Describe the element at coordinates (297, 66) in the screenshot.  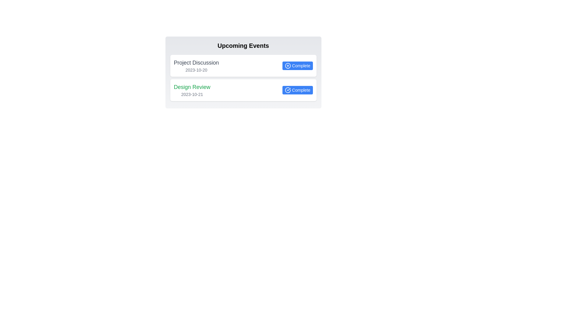
I see `'Complete' button for the task titled 'Project Discussion'` at that location.